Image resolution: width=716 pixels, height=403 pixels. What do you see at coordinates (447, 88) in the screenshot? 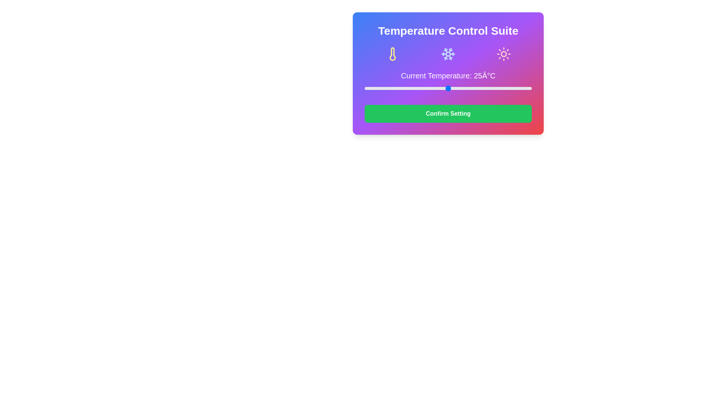
I see `the slider to set the temperature to 25°C` at bounding box center [447, 88].